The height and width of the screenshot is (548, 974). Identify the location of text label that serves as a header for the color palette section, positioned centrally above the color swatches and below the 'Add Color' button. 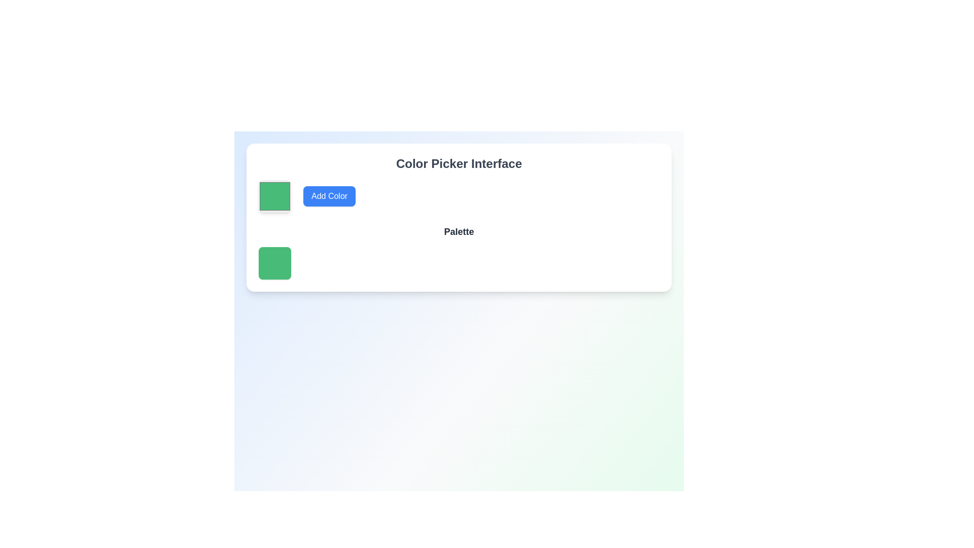
(459, 231).